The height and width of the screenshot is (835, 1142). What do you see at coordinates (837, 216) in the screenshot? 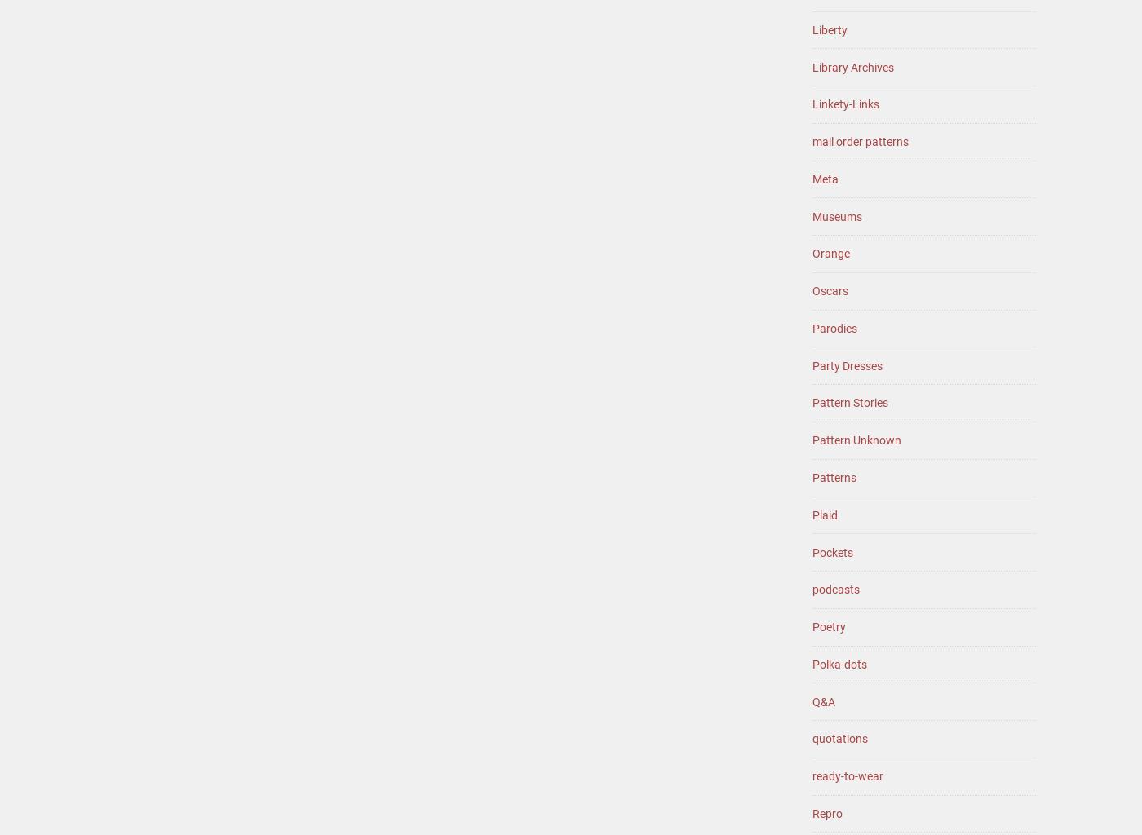
I see `'Museums'` at bounding box center [837, 216].